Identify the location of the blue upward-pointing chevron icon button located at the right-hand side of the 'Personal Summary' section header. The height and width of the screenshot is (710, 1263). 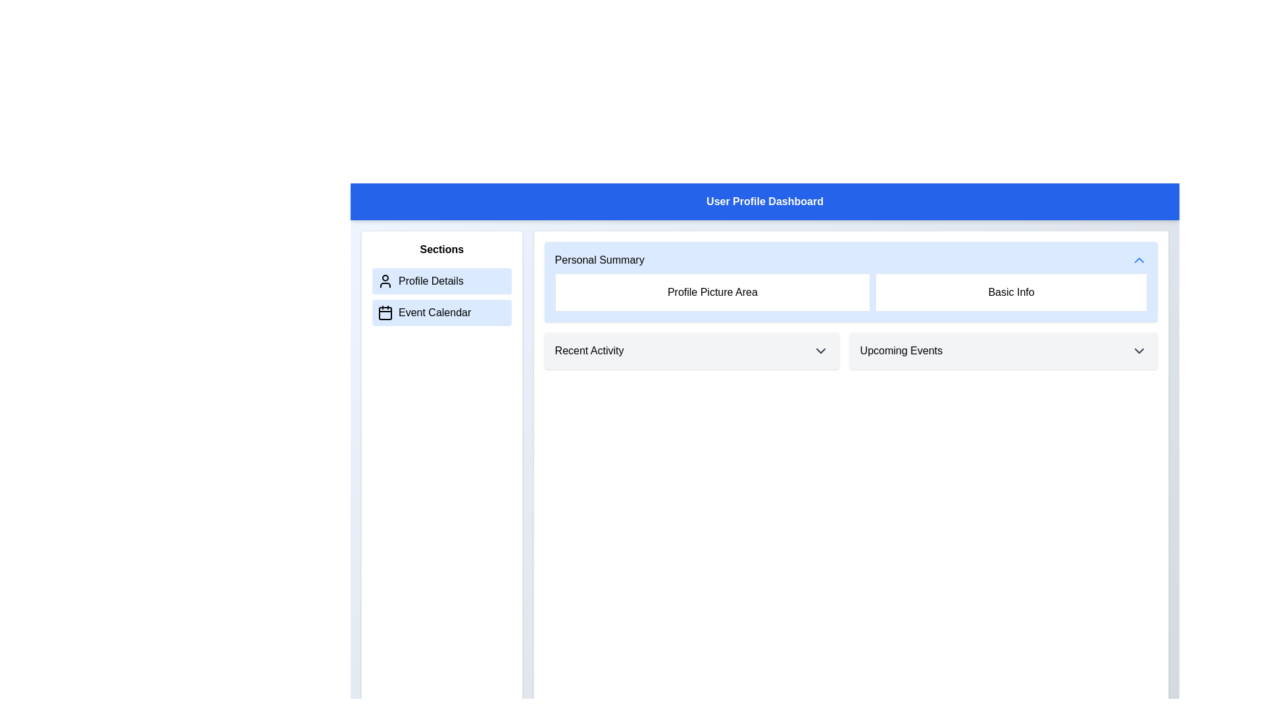
(1139, 260).